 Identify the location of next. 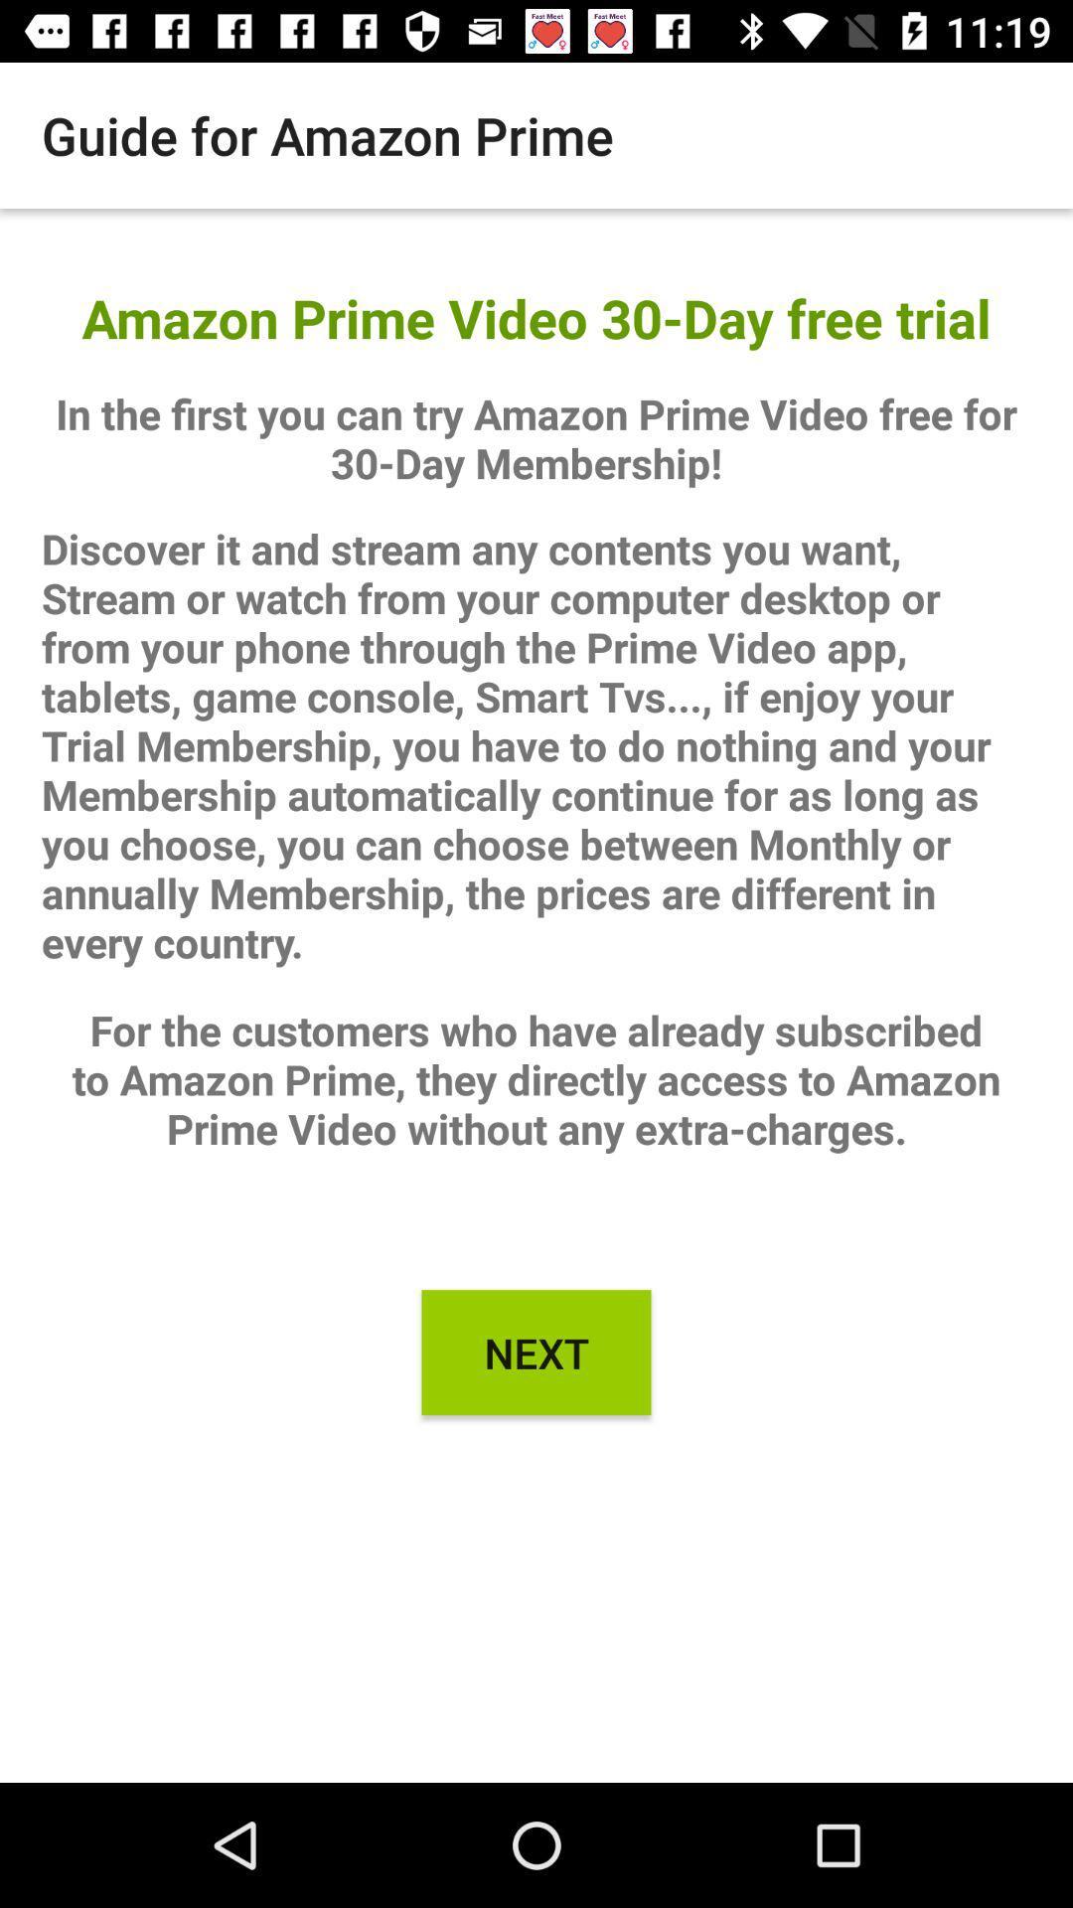
(536, 1351).